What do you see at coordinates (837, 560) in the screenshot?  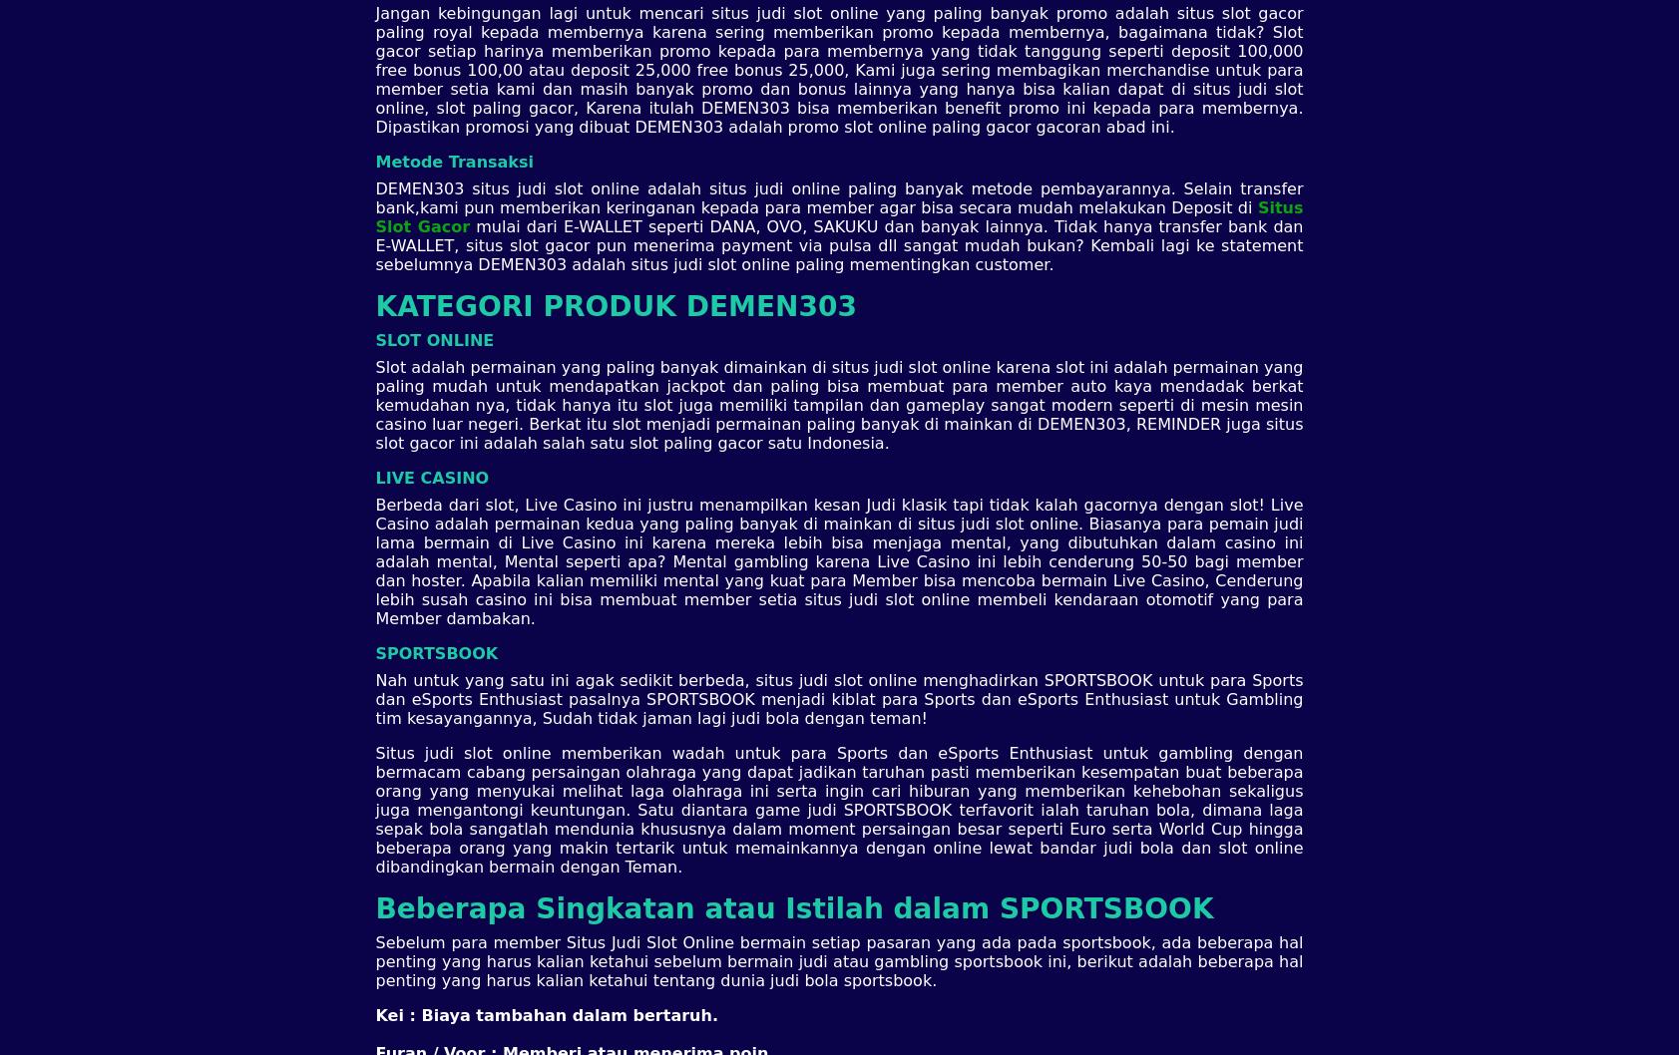 I see `'Berbeda dari slot, Live Casino ini justru menampilkan kesan Judi klasik tapi tidak kalah gacornya dengan slot! Live Casino adalah permainan kedua yang paling banyak di mainkan di situs judi slot online. Biasanya para pemain judi lama bermain di Live Casino ini karena mereka lebih bisa menjaga mental, yang dibutuhkan dalam casino ini adalah mental, Mental seperti apa? Mental gambling karena Live Casino ini lebih cenderung 50-50 bagi member dan hoster. Apabila kalian memiliki mental yang kuat para Member bisa mencoba bermain Live Casino, Cenderung lebih susah casino ini bisa membuat member setia situs judi slot online membeli kendaraan otomotif yang para Member dambakan.'` at bounding box center [837, 560].